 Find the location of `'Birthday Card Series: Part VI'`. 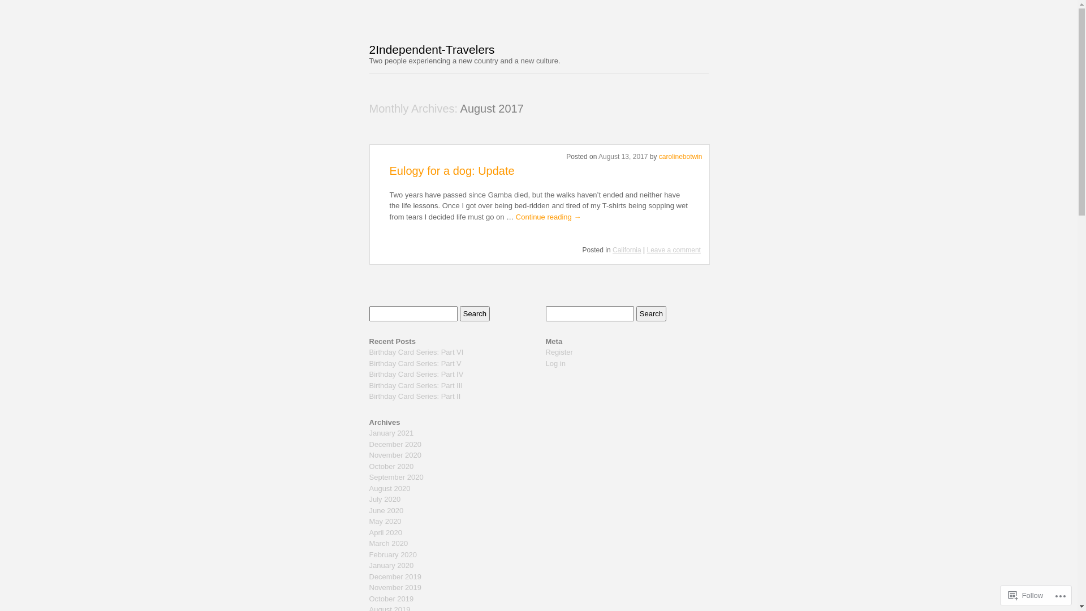

'Birthday Card Series: Part VI' is located at coordinates (369, 351).